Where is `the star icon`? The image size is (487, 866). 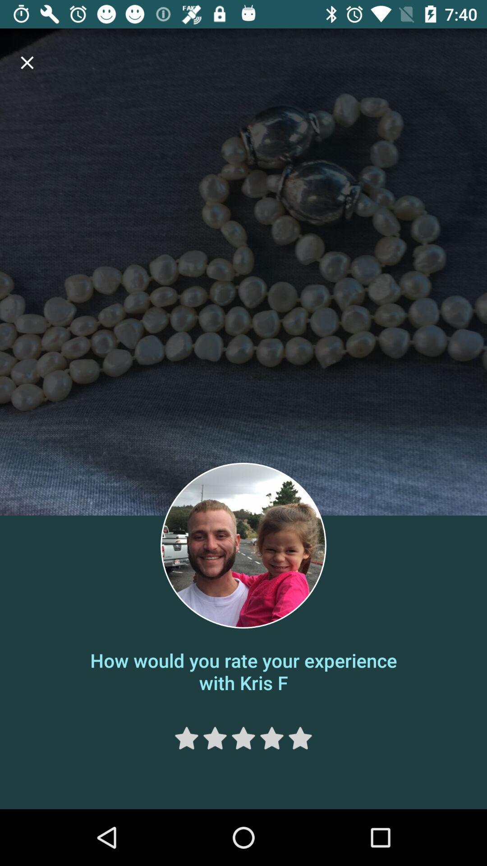 the star icon is located at coordinates (215, 738).